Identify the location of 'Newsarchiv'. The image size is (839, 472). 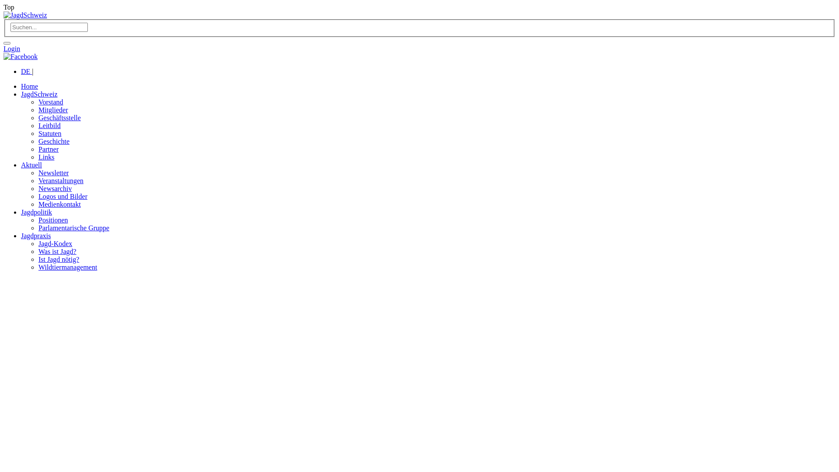
(54, 188).